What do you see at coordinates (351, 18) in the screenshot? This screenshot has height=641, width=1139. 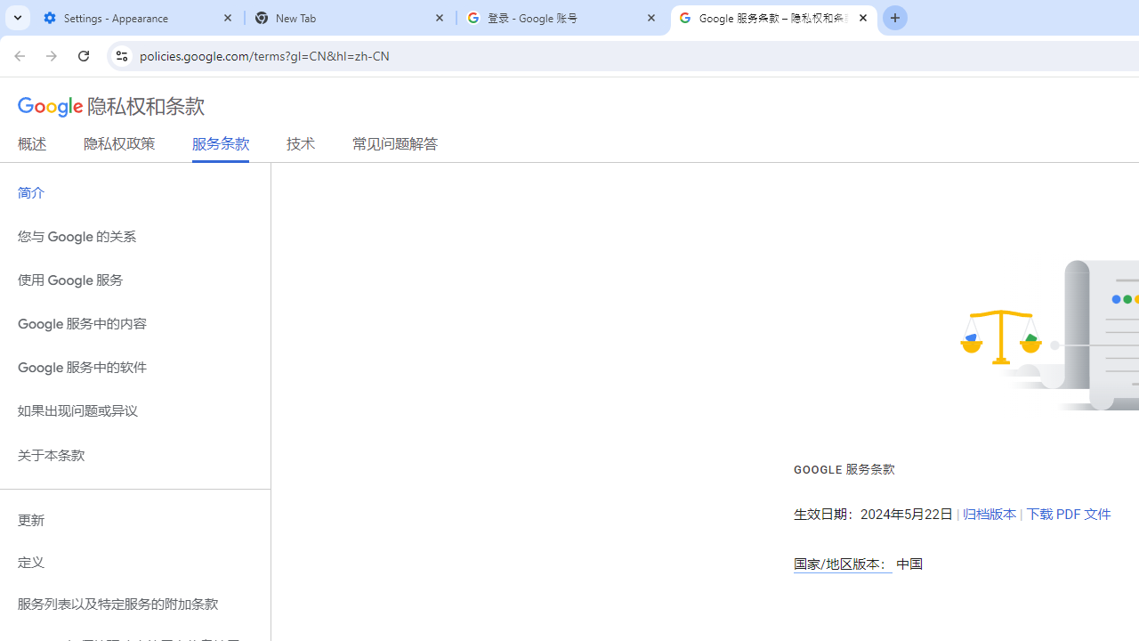 I see `'New Tab'` at bounding box center [351, 18].